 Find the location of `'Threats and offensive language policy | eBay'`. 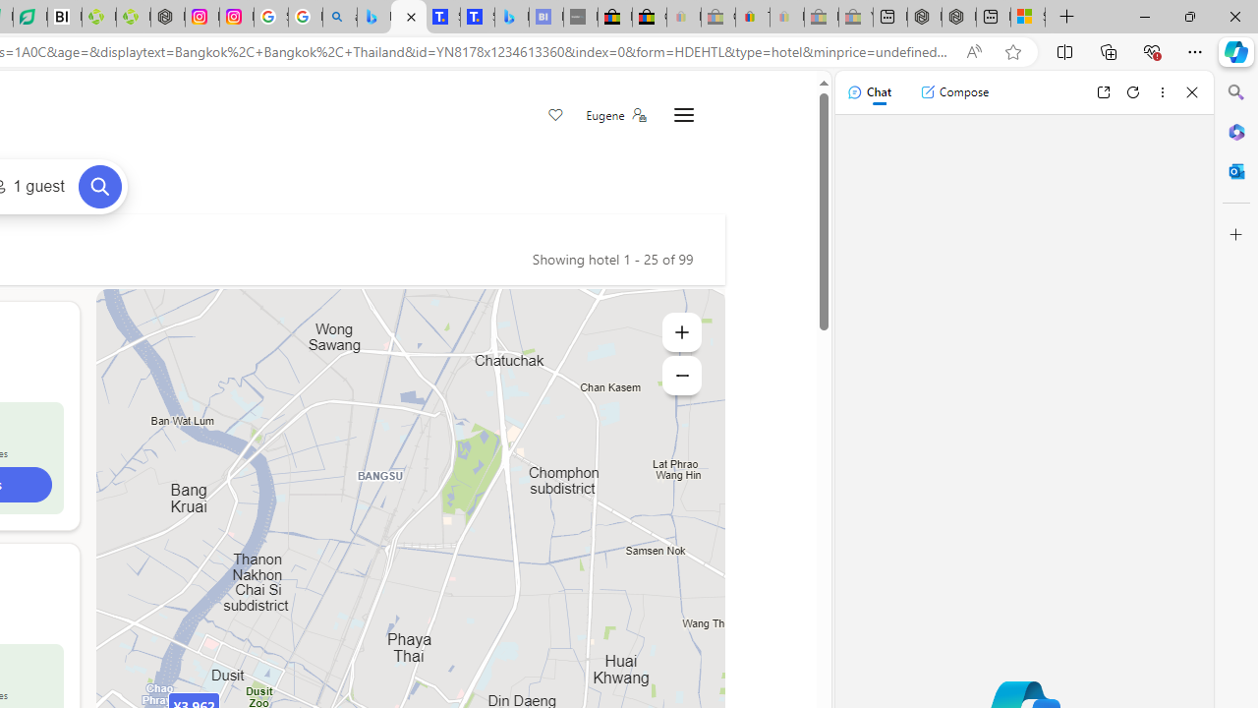

'Threats and offensive language policy | eBay' is located at coordinates (752, 17).